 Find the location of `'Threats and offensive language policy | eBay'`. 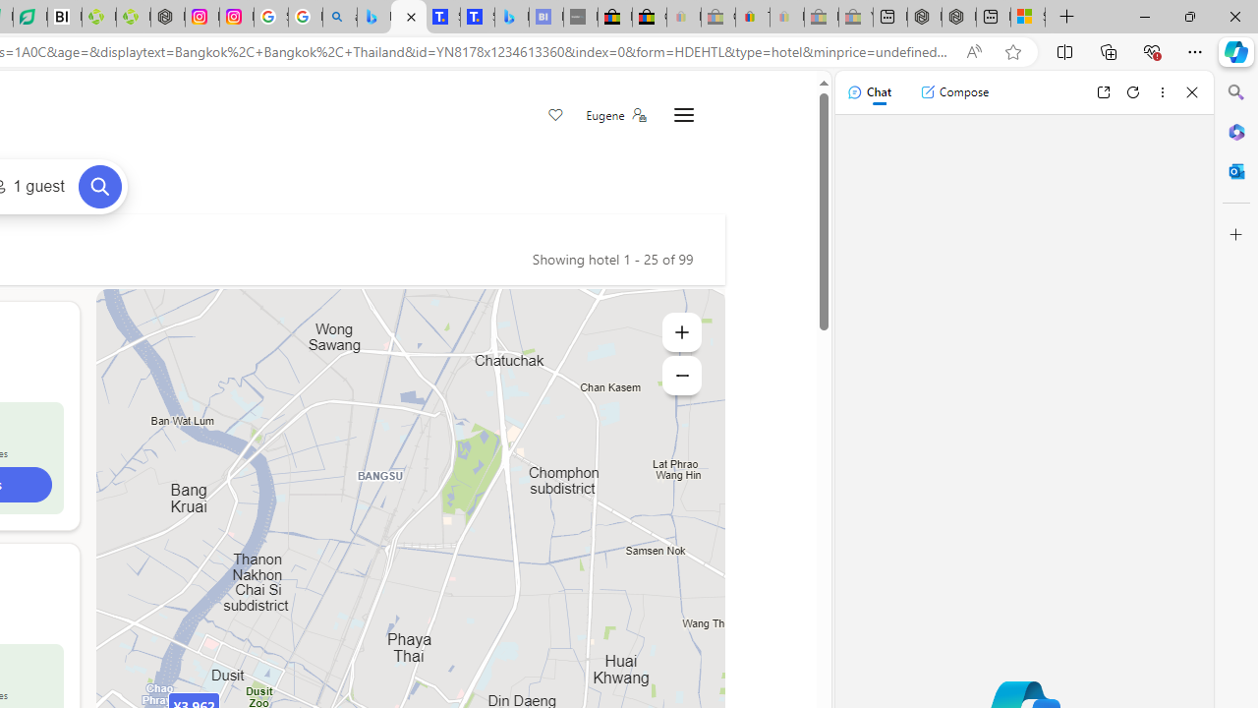

'Threats and offensive language policy | eBay' is located at coordinates (752, 17).